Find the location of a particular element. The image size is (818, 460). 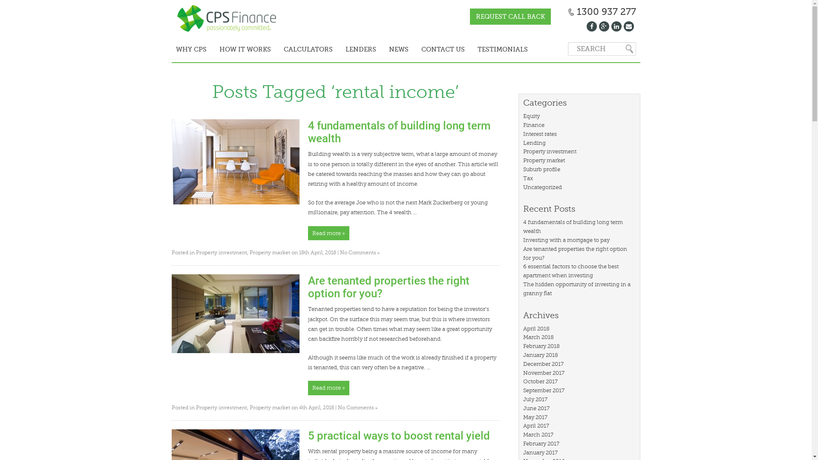

'Suburb profile' is located at coordinates (541, 169).